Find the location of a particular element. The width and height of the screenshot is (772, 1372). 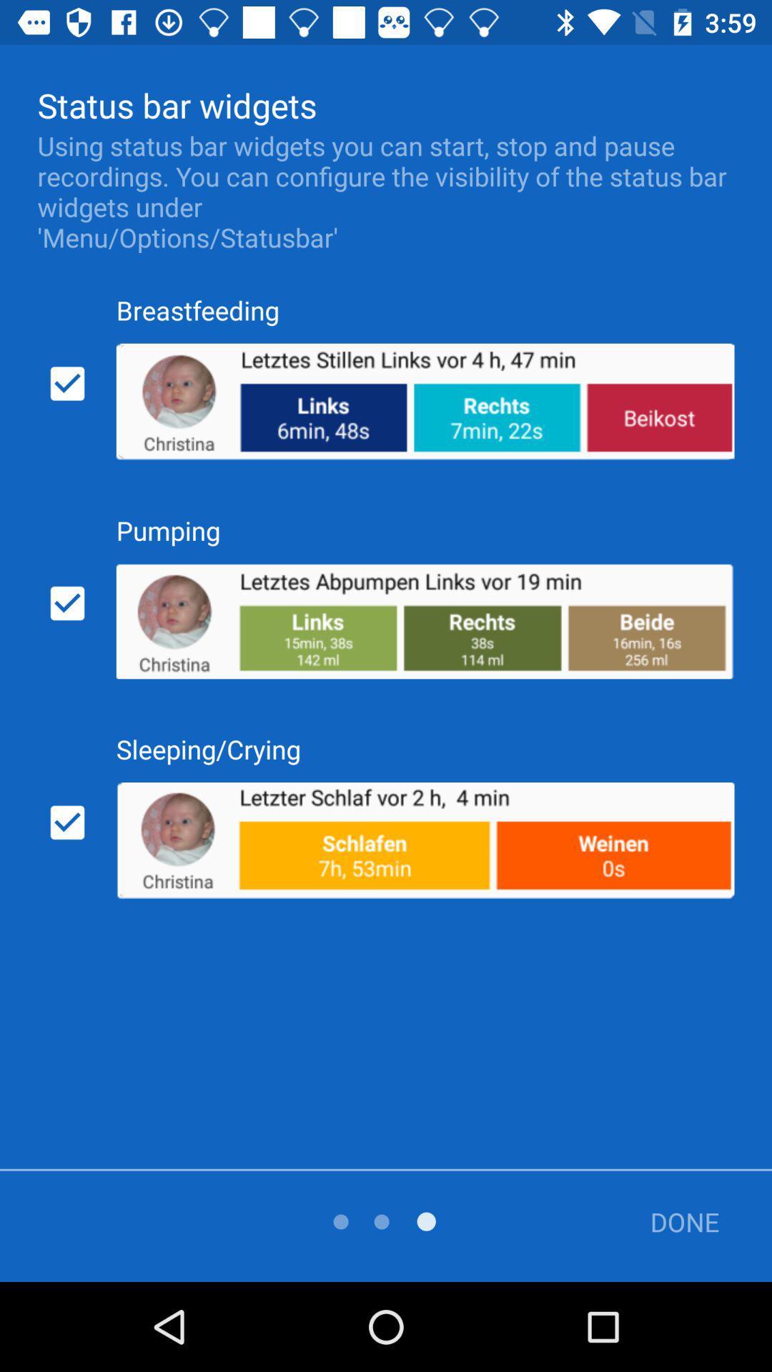

checkbox is located at coordinates (67, 822).